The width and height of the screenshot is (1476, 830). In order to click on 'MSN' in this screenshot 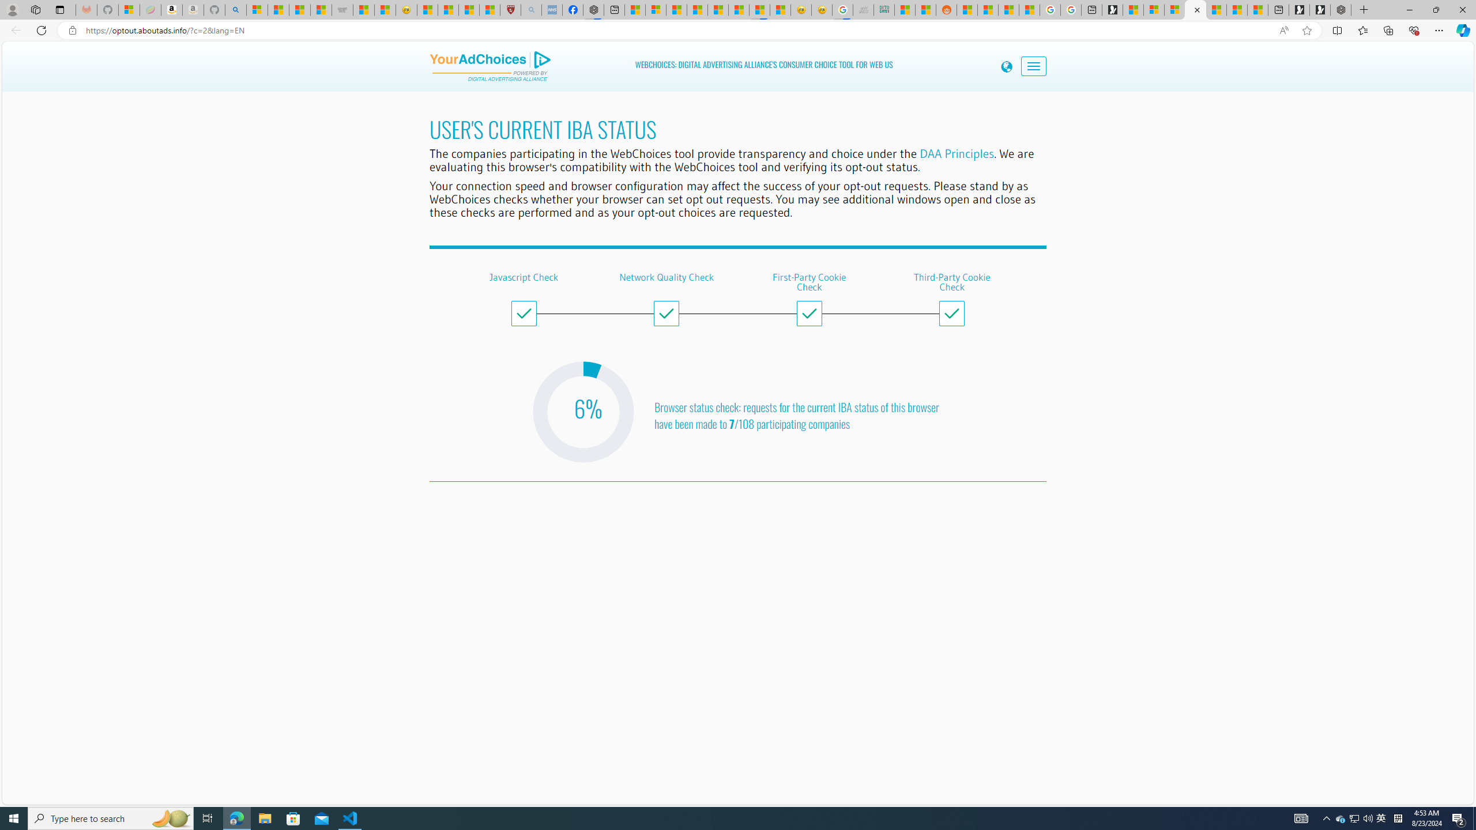, I will do `click(759, 9)`.